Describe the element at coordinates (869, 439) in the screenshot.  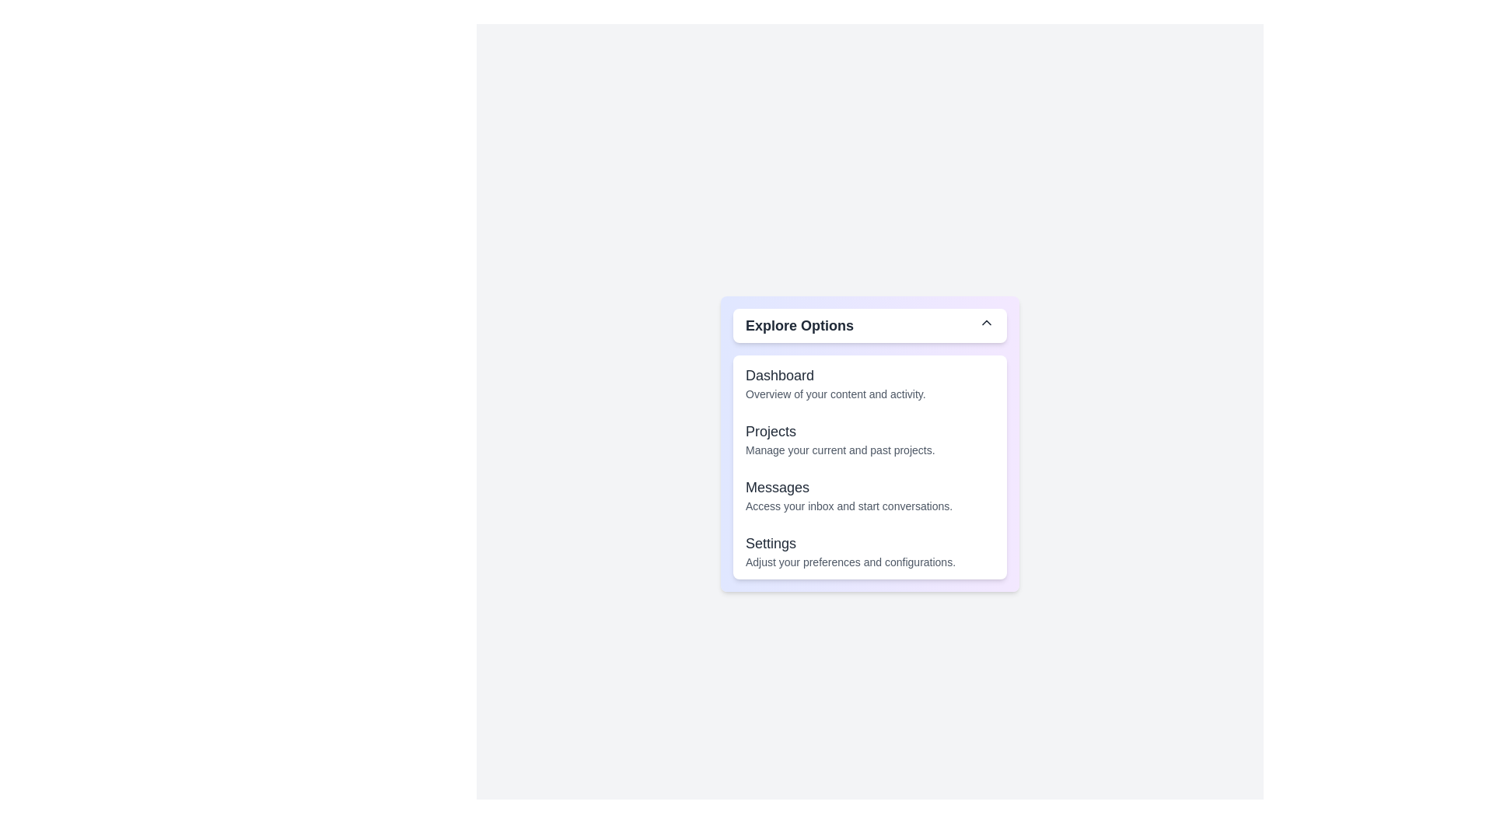
I see `the option 'Projects' from the dropdown menu` at that location.